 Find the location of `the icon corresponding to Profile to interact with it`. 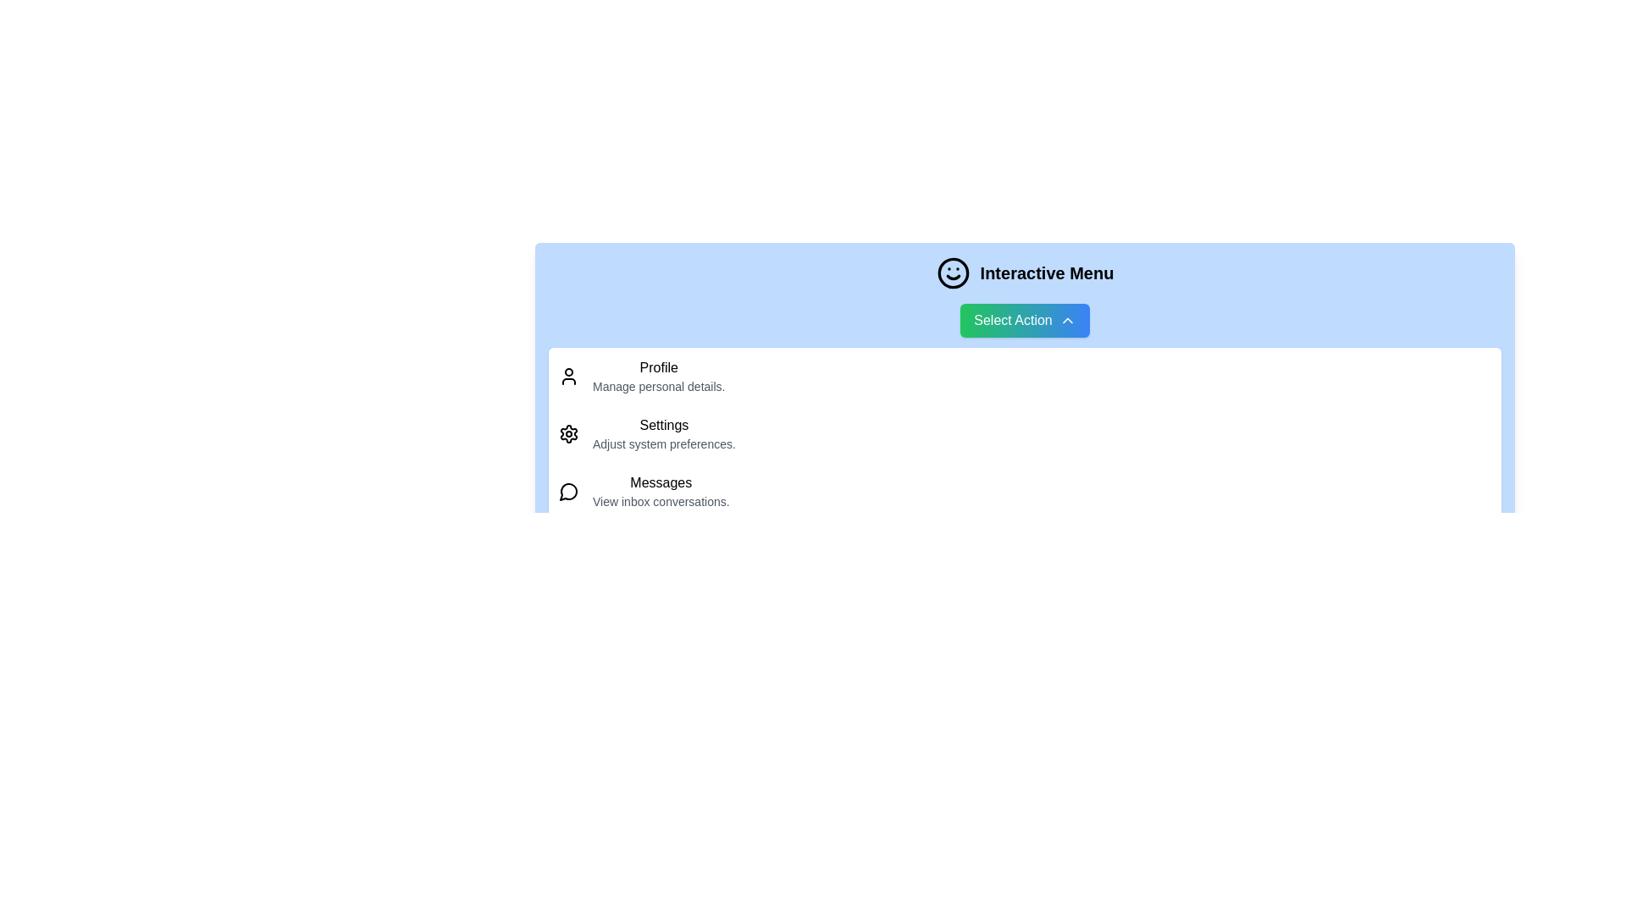

the icon corresponding to Profile to interact with it is located at coordinates (569, 375).